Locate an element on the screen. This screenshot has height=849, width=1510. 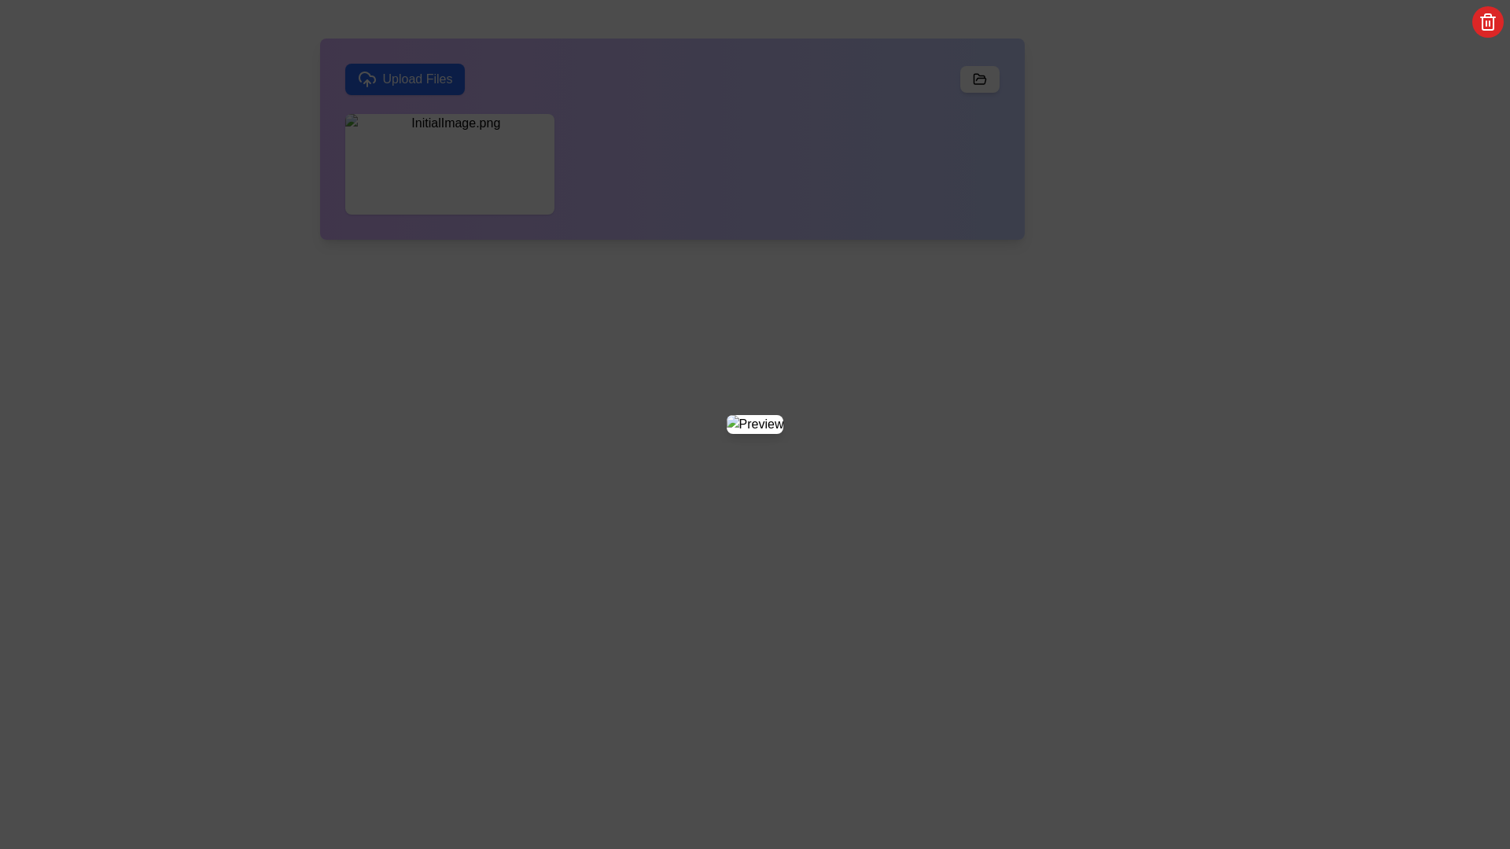
keyboard navigation is located at coordinates (404, 79).